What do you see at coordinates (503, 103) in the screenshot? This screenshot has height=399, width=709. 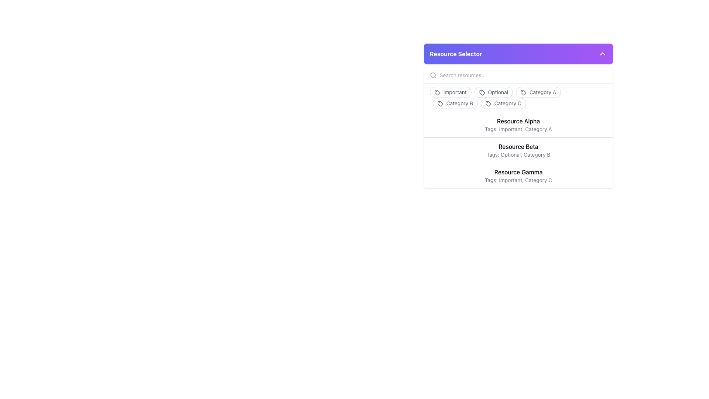 I see `the 'Category C' button, which is a rounded button with a white background and gray border, located below the main selector panel header and to the right of 'Category B'` at bounding box center [503, 103].